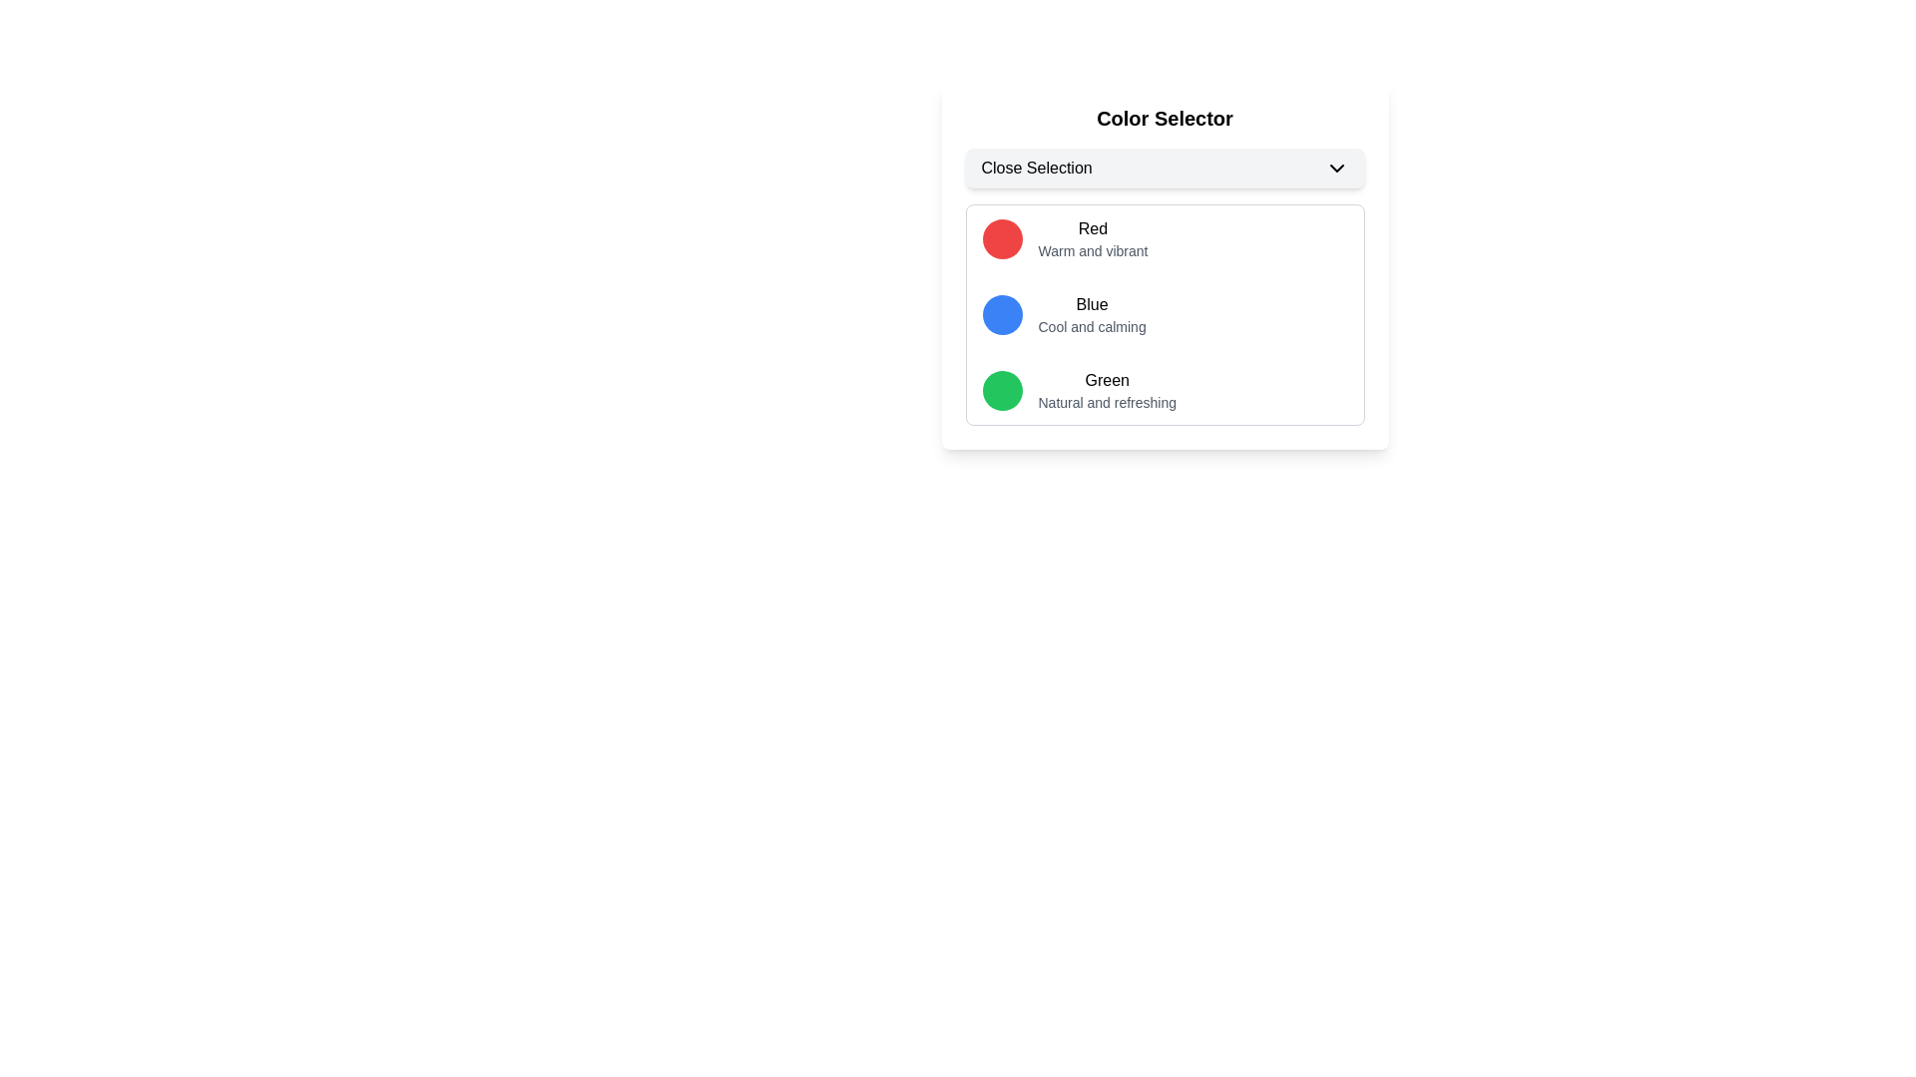  I want to click on the 'Red' text element which labels the first color in the selectable colors list, so click(1092, 228).